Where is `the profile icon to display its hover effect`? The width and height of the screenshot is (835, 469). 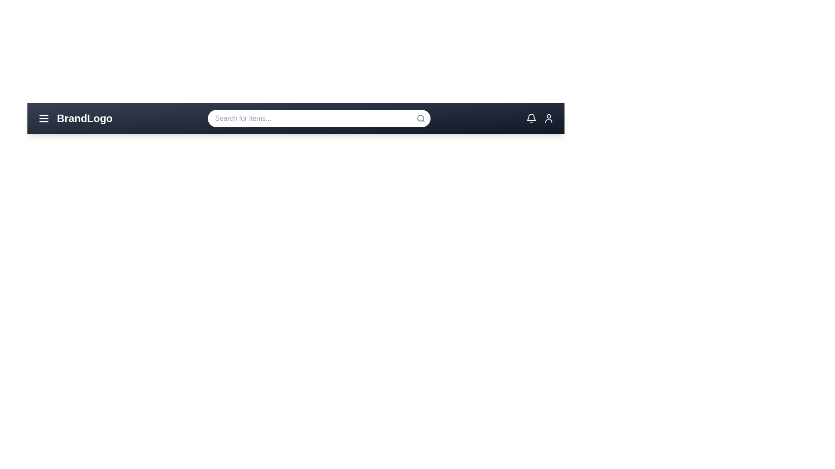 the profile icon to display its hover effect is located at coordinates (548, 119).